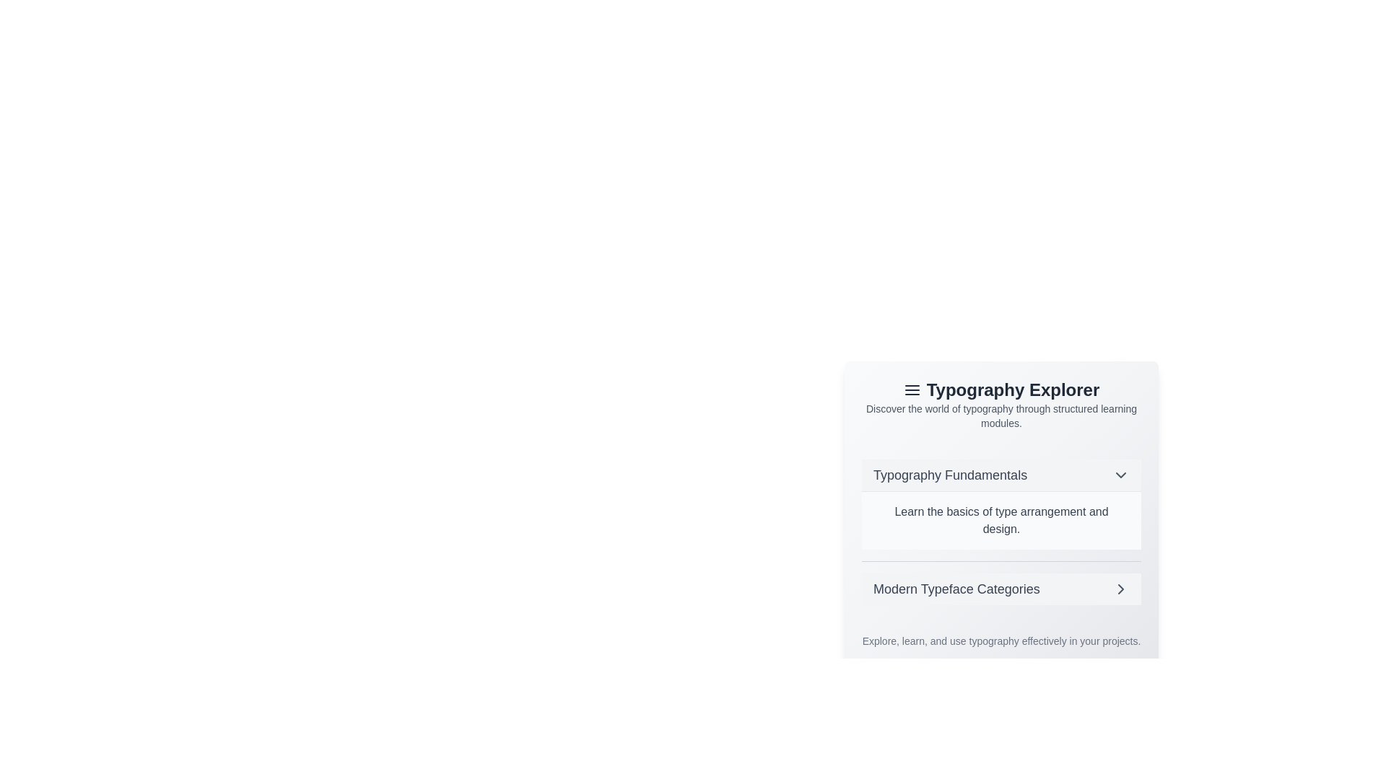 The width and height of the screenshot is (1386, 779). I want to click on the static text element reading 'Discover the world of typography through structured learning modules.' which is located beneath the heading 'Typography Explorer', so click(1001, 416).